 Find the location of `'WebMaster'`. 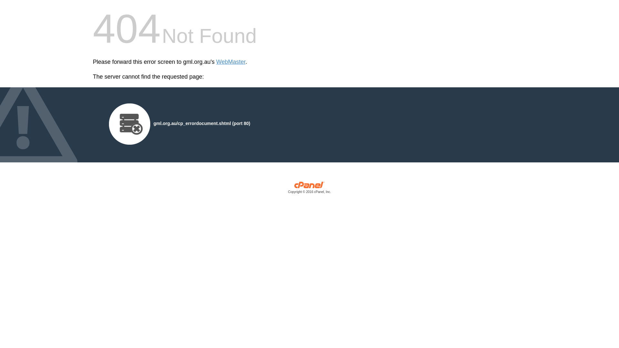

'WebMaster' is located at coordinates (231, 62).